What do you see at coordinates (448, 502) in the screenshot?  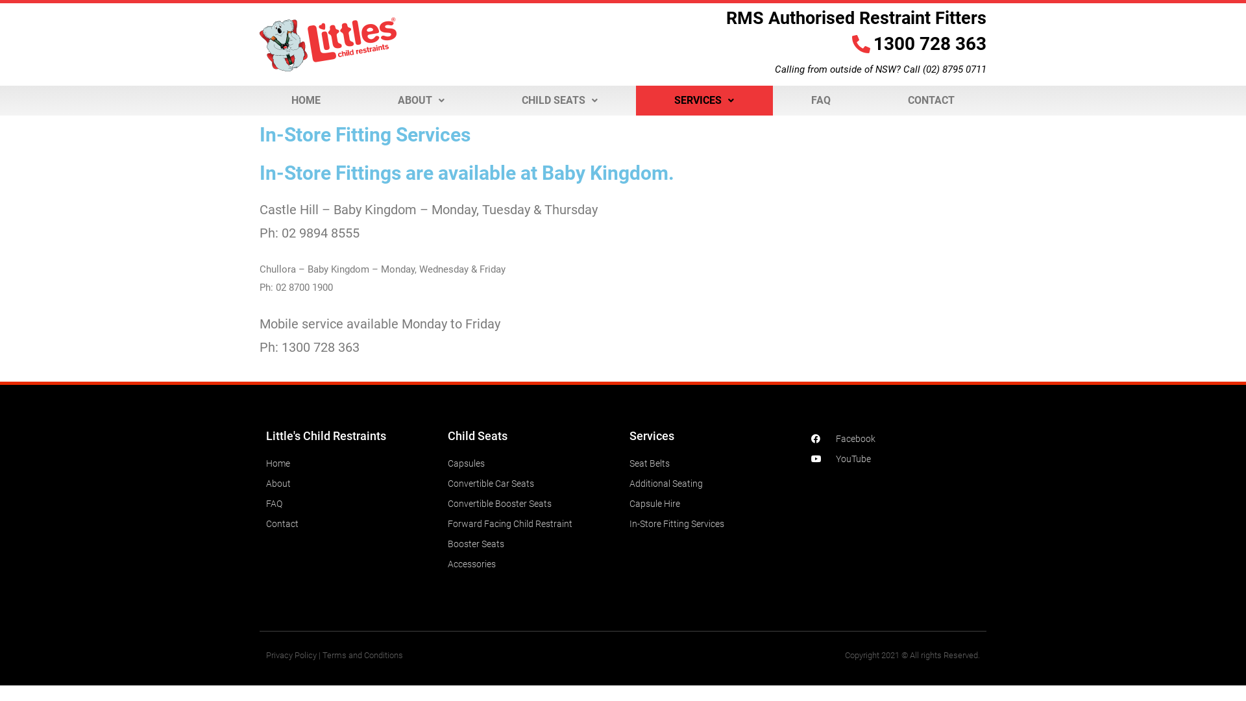 I see `'Convertible Booster Seats'` at bounding box center [448, 502].